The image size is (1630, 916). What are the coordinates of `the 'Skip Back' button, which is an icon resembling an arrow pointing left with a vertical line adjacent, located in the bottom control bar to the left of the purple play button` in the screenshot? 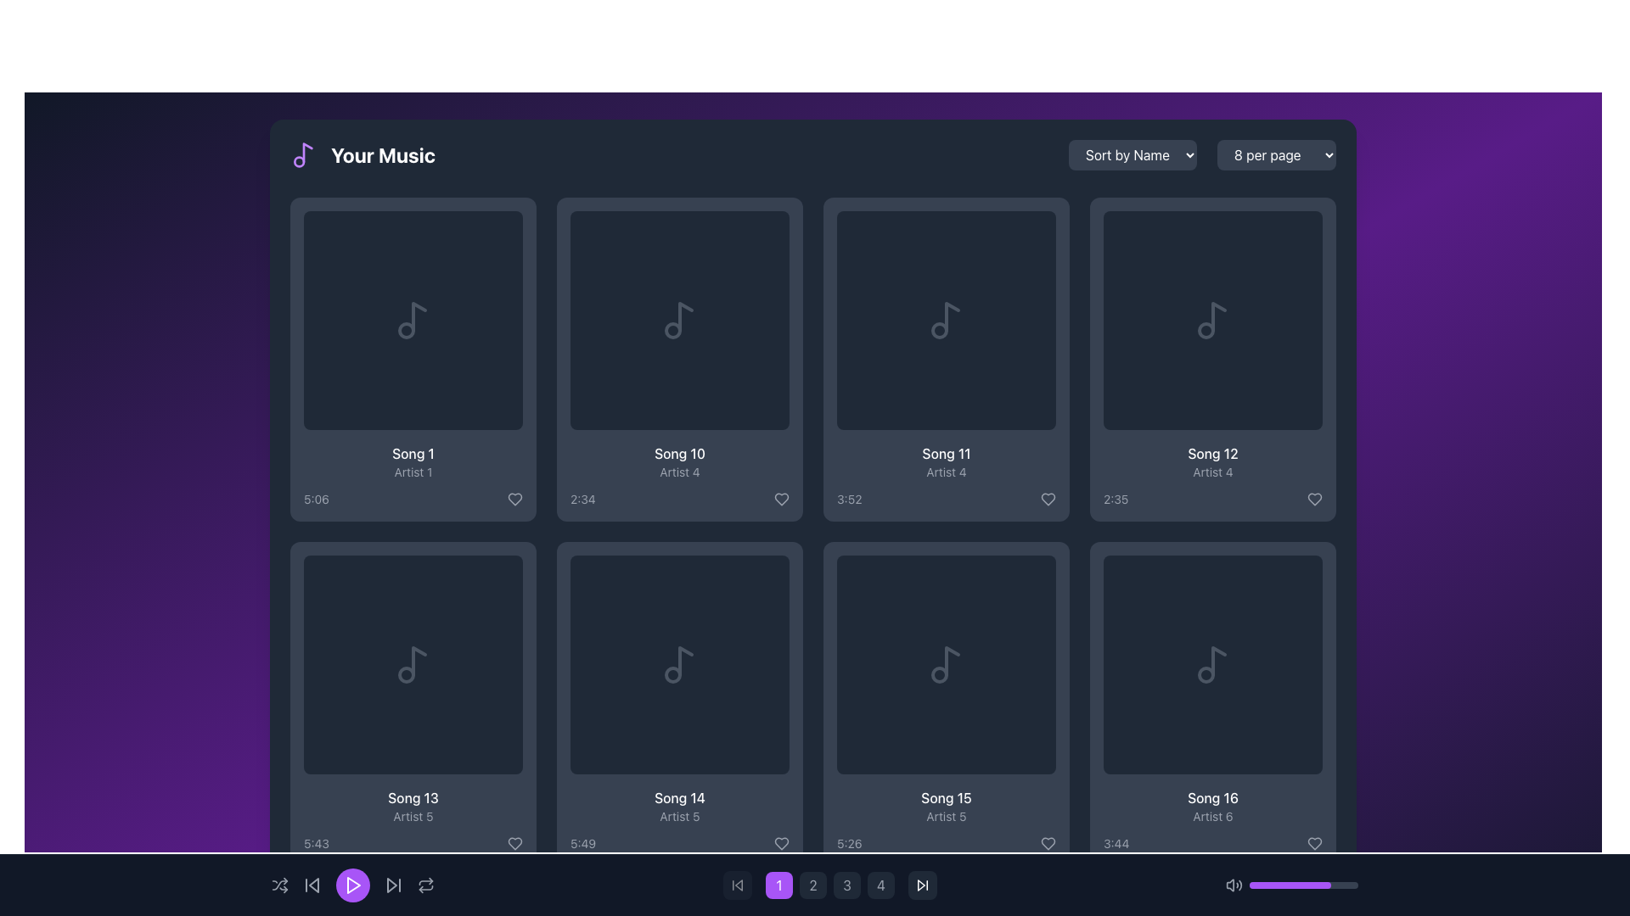 It's located at (737, 885).